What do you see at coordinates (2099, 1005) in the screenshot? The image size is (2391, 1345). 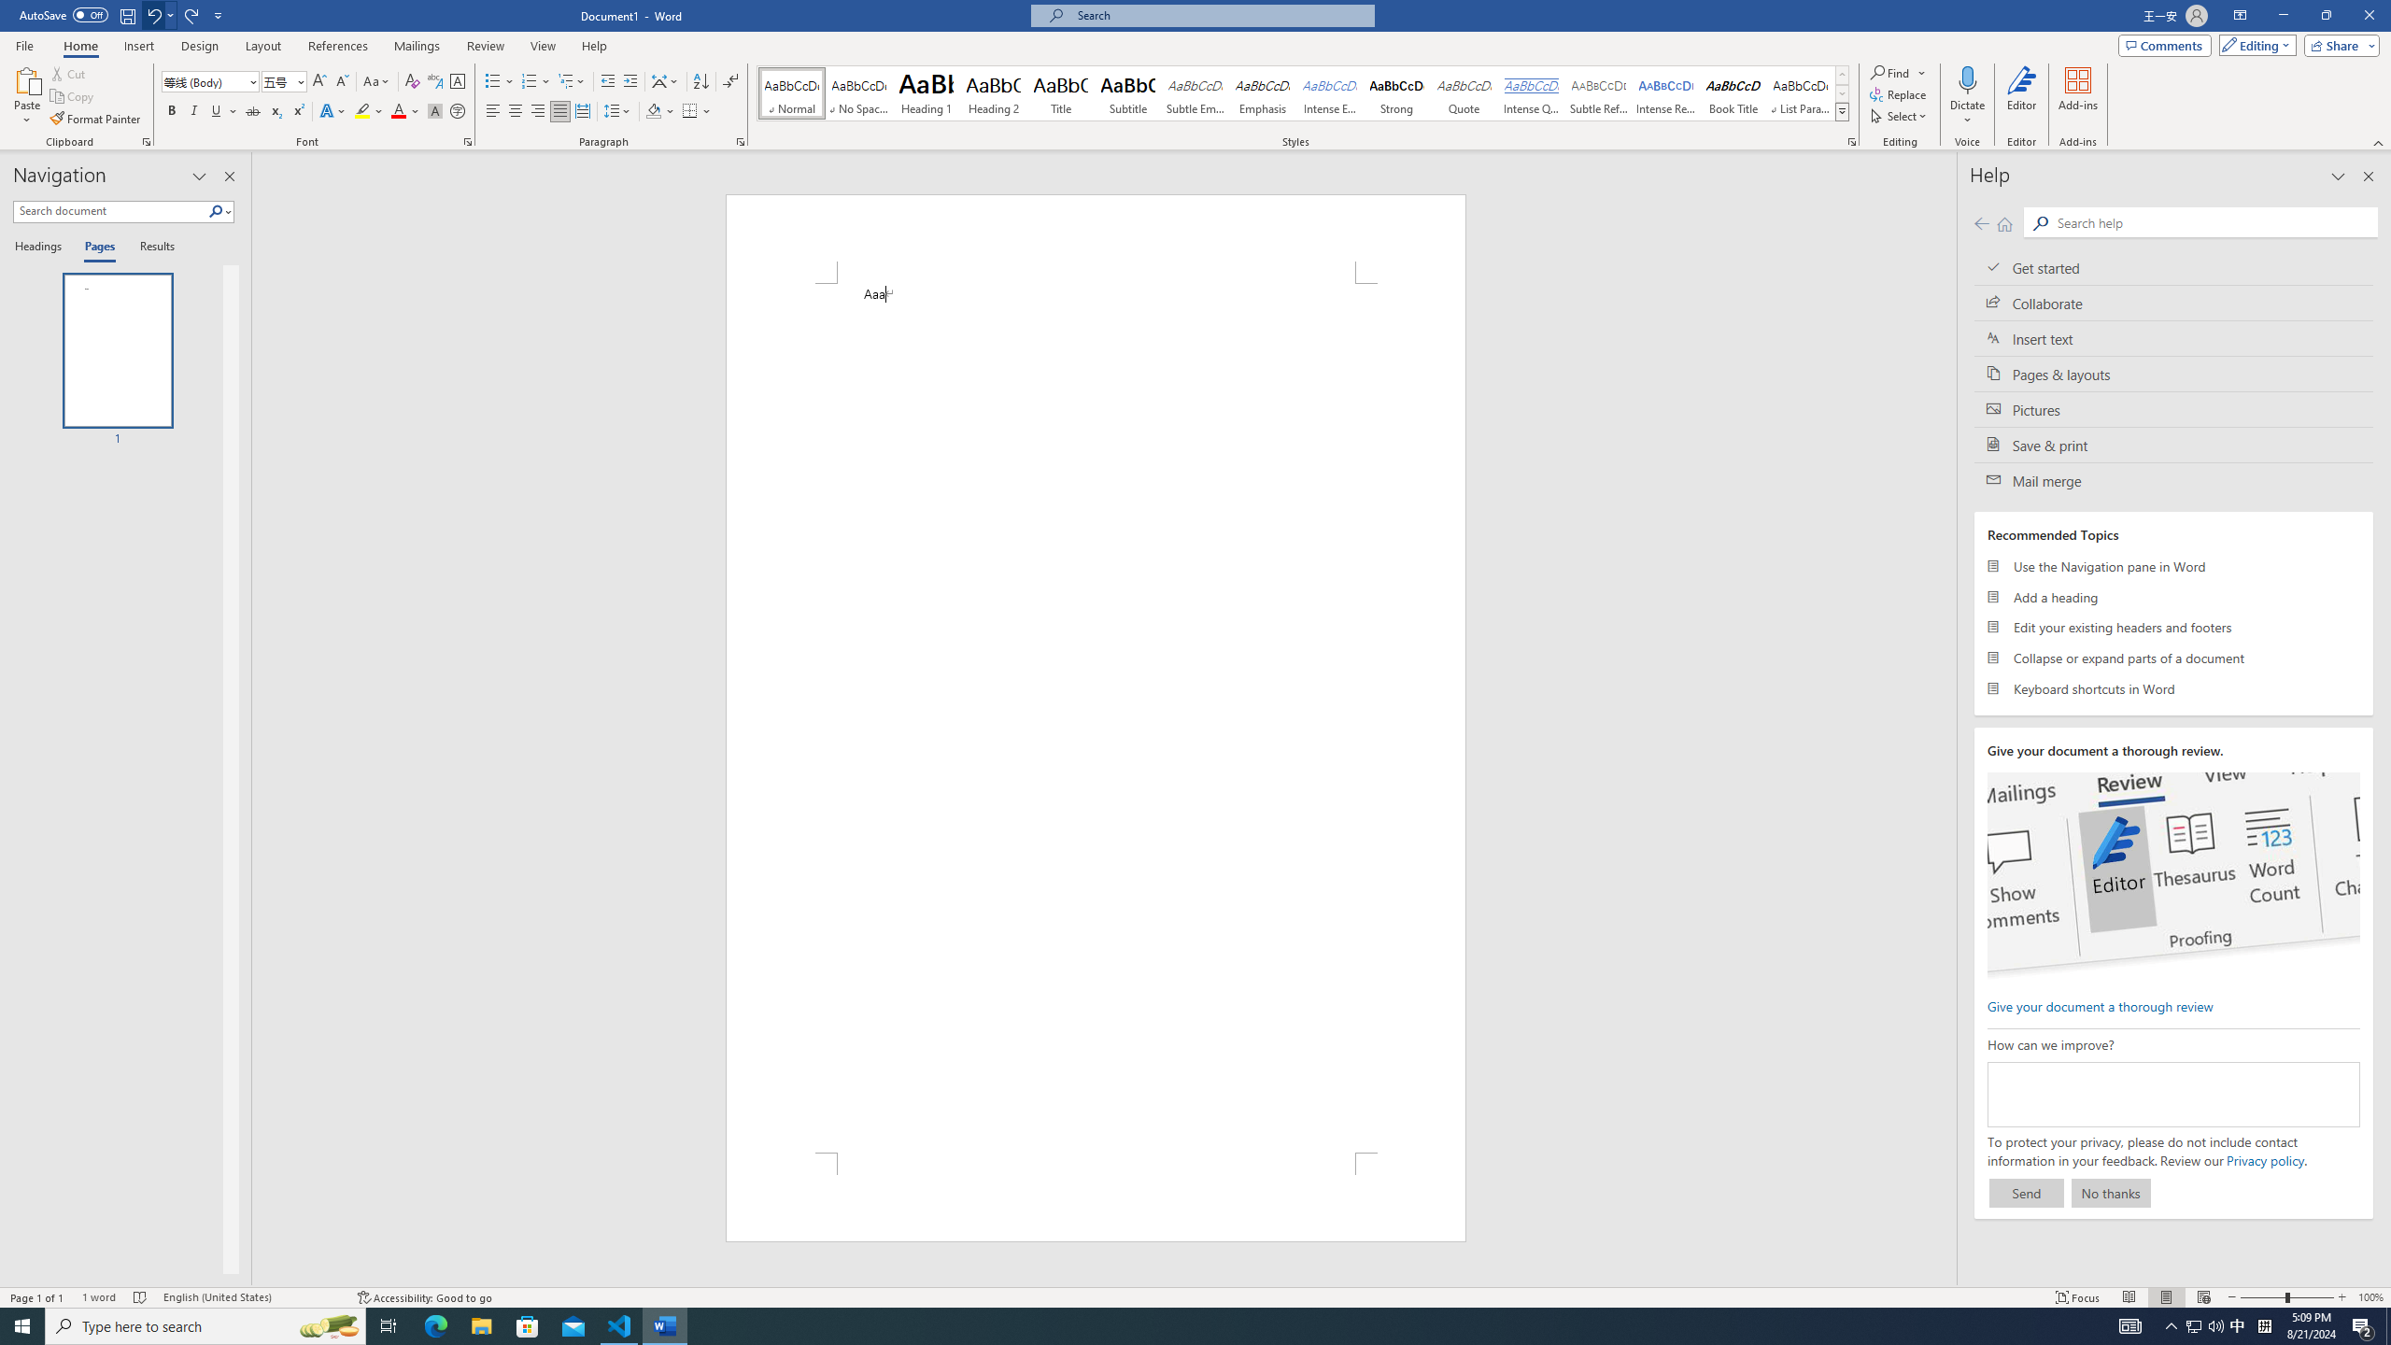 I see `'Give your document a thorough review'` at bounding box center [2099, 1005].